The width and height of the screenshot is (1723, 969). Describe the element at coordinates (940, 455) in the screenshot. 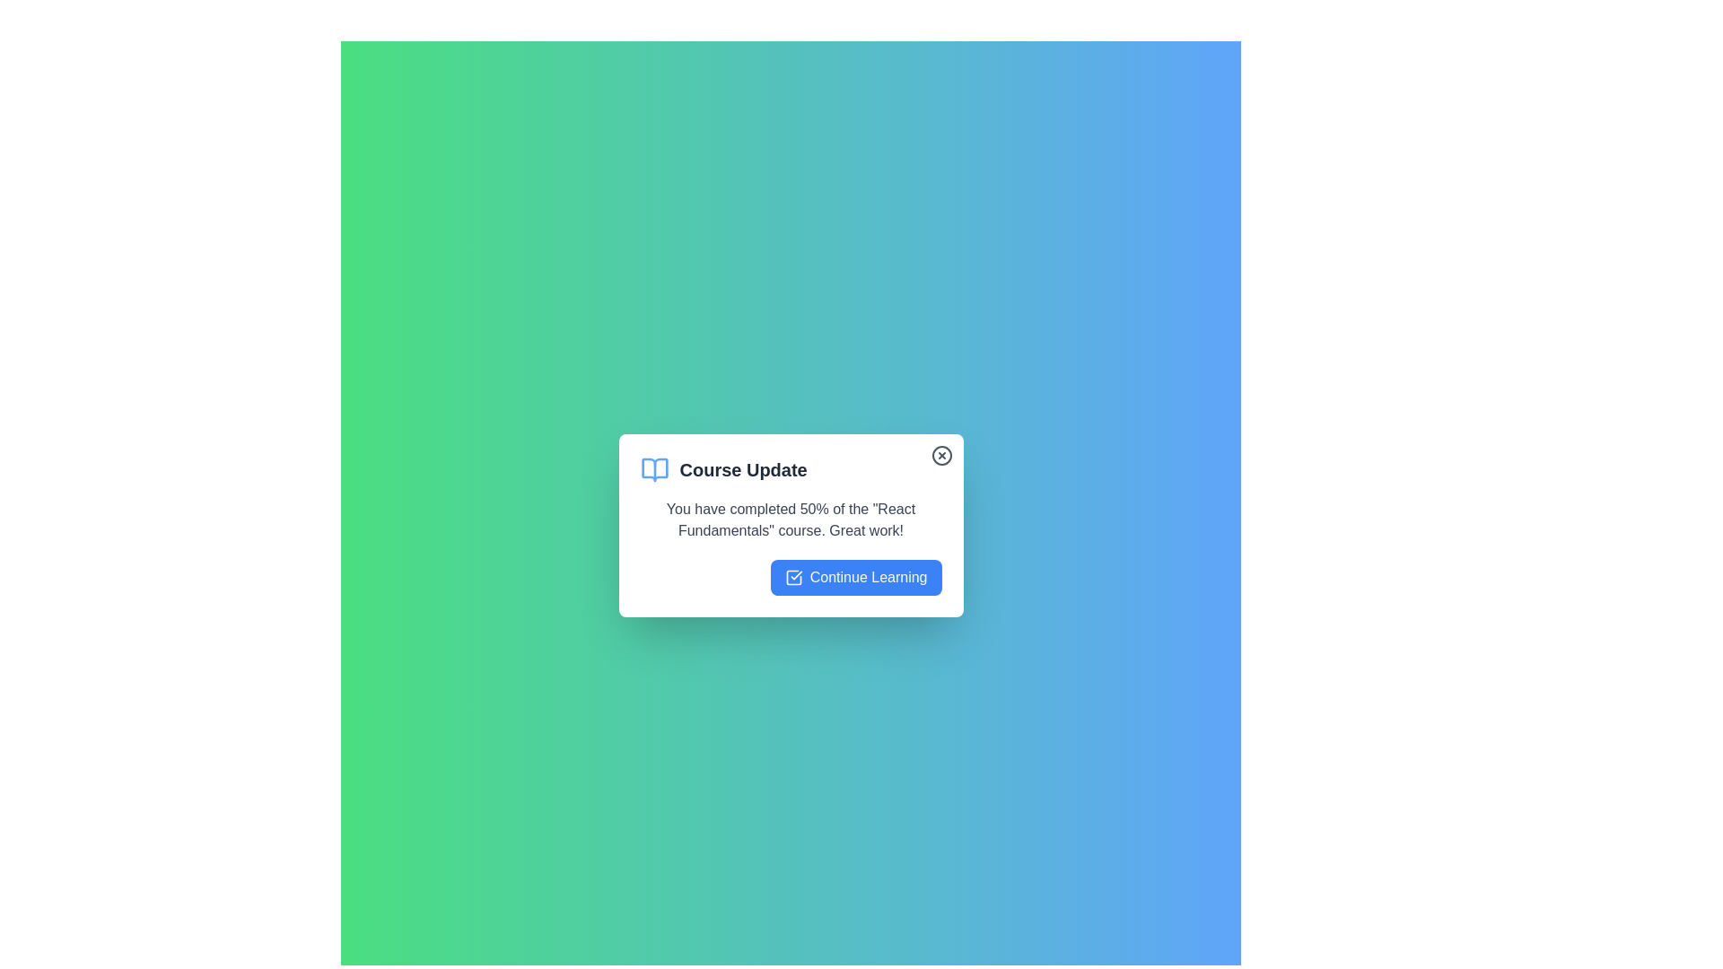

I see `the small circular close button located at the top-right corner of the notification card to change its color from gray to red` at that location.